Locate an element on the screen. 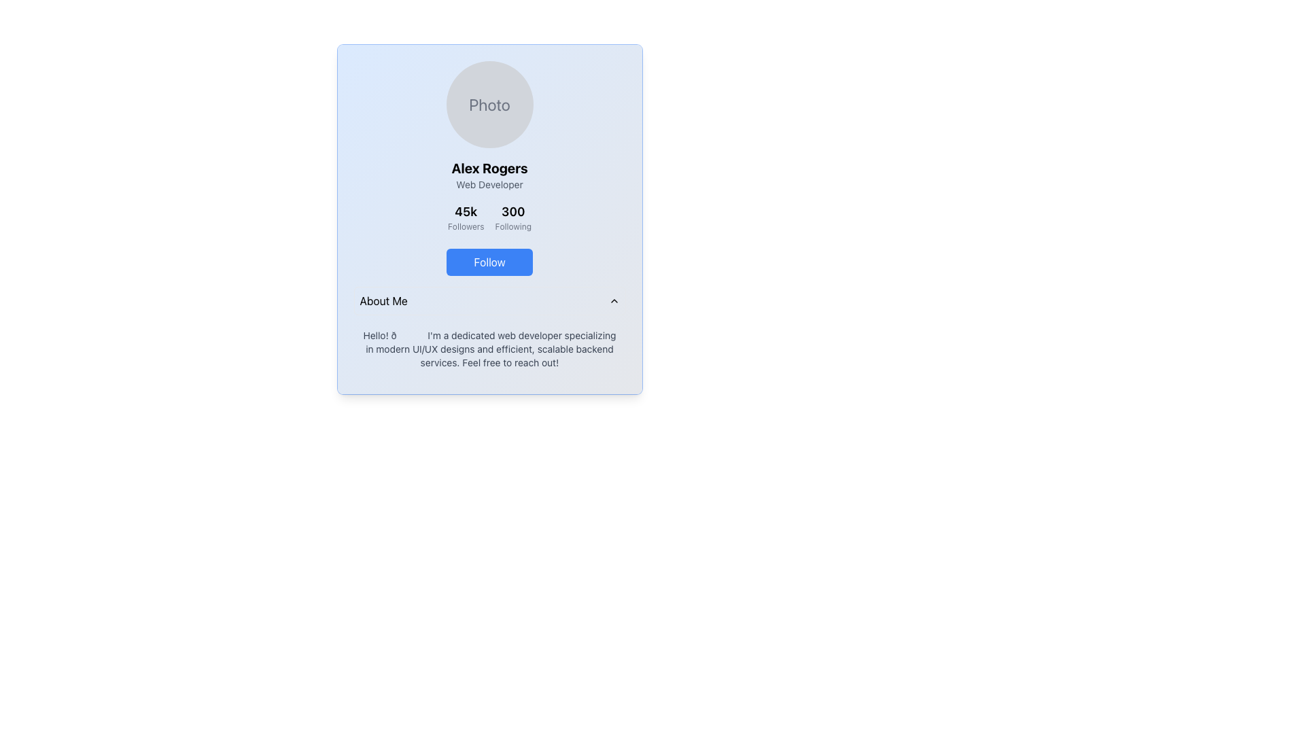  the interactive parts of the 'About Me' informational section, which is located at the bottom of the profile card, immediately under the 'Follow' button is located at coordinates (489, 332).